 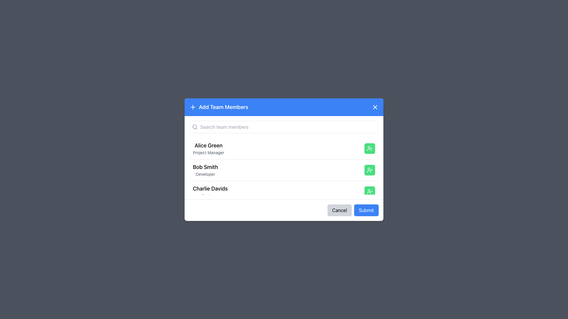 What do you see at coordinates (284, 126) in the screenshot?
I see `to select any existing text in the text input field used for searching team members, located centrally below the modal title bar` at bounding box center [284, 126].